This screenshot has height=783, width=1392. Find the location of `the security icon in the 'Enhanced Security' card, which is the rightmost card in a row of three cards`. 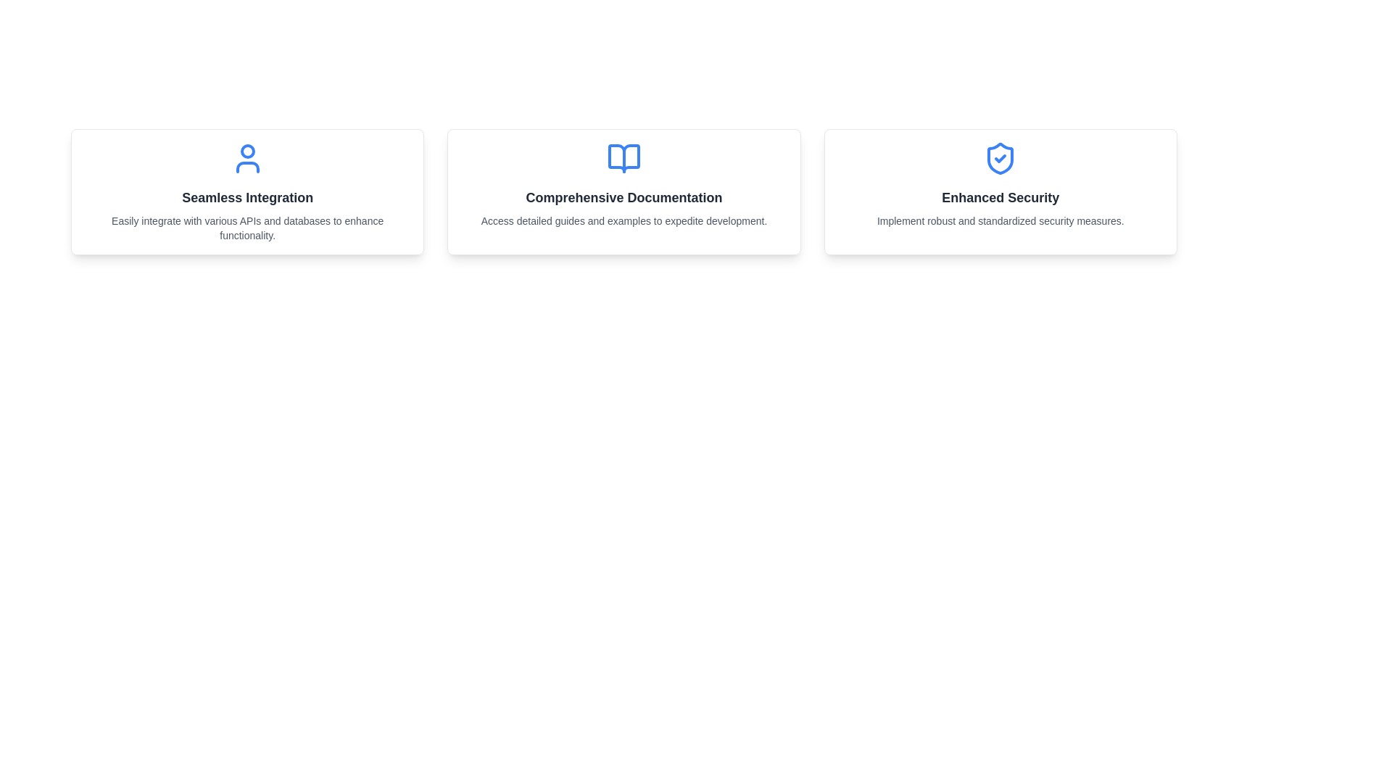

the security icon in the 'Enhanced Security' card, which is the rightmost card in a row of three cards is located at coordinates (1000, 159).